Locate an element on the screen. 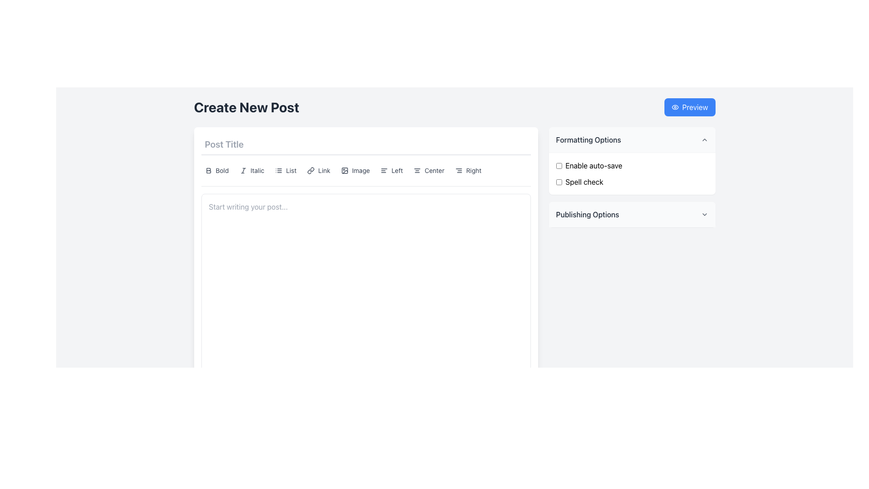  the interactive toggle icon located in the top-right corner of the 'Formatting Options' section, which collapses this section is located at coordinates (704, 139).